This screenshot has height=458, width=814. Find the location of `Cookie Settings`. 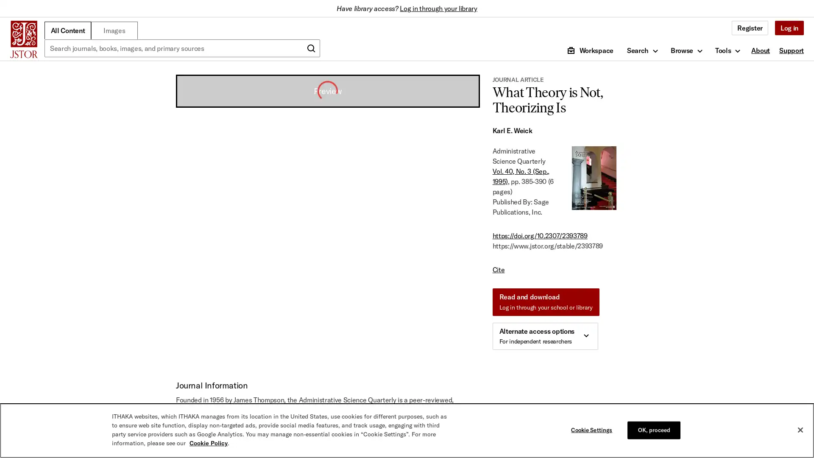

Cookie Settings is located at coordinates (593, 430).